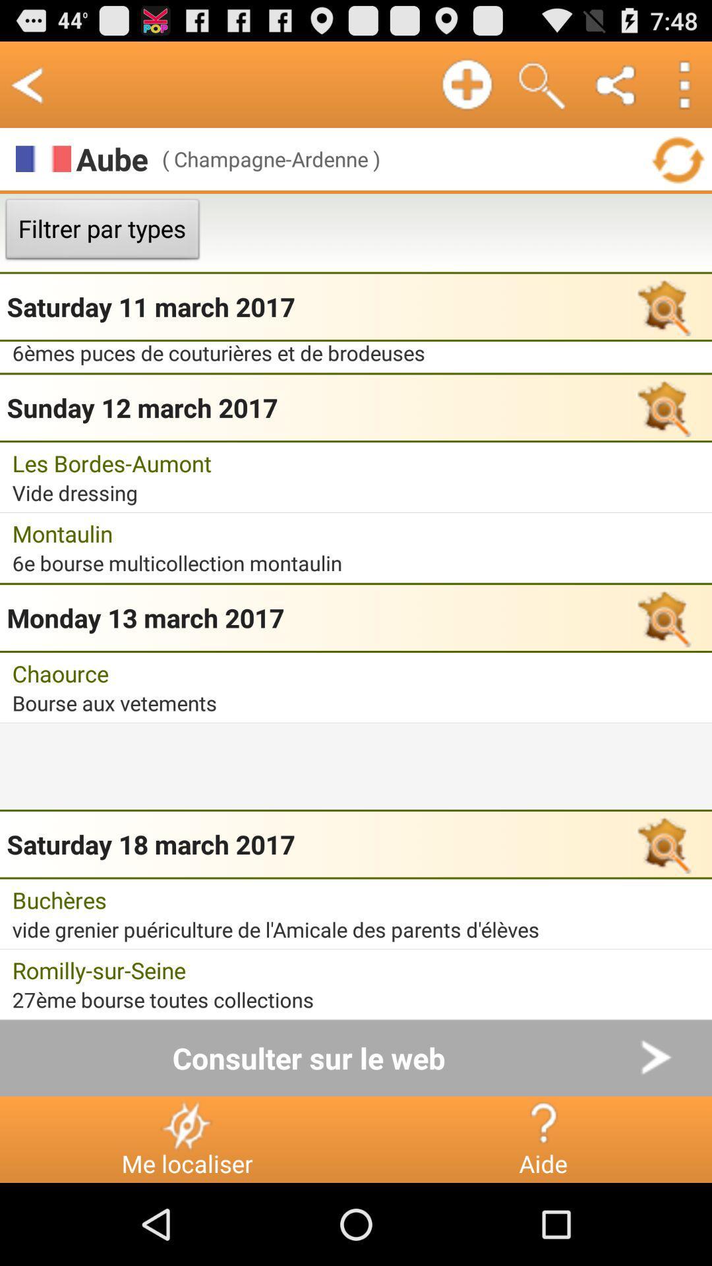 Image resolution: width=712 pixels, height=1266 pixels. What do you see at coordinates (541, 90) in the screenshot?
I see `the search icon` at bounding box center [541, 90].